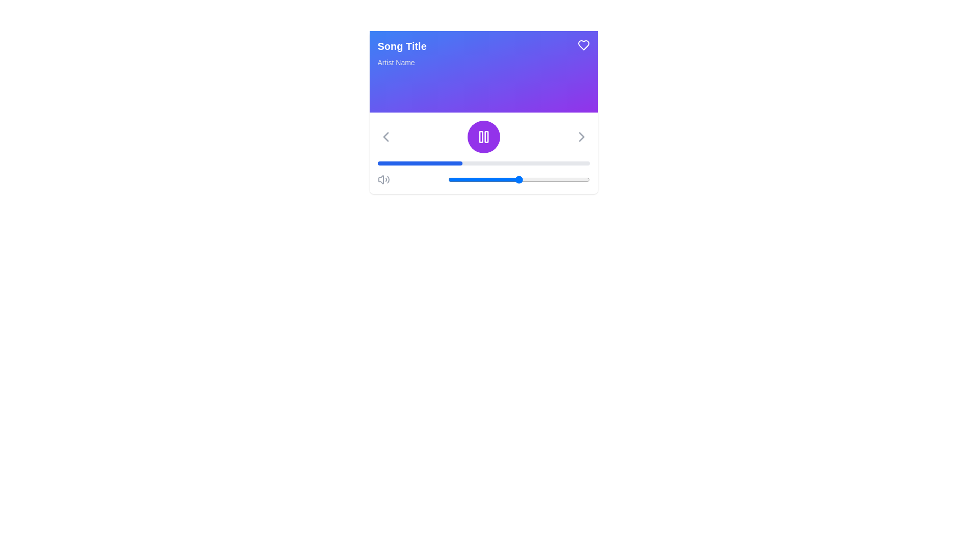  Describe the element at coordinates (496, 179) in the screenshot. I see `volume` at that location.